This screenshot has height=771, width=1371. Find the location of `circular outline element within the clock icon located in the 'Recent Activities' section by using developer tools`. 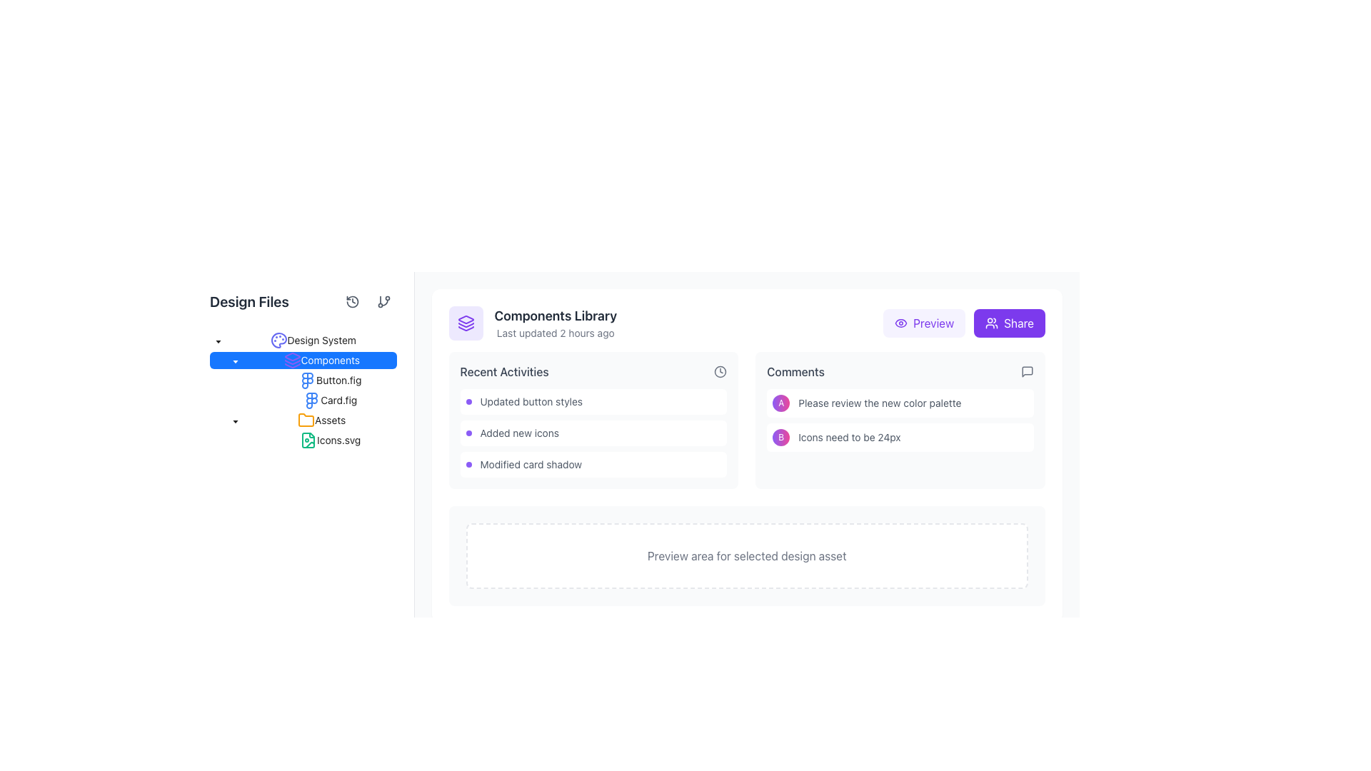

circular outline element within the clock icon located in the 'Recent Activities' section by using developer tools is located at coordinates (720, 371).